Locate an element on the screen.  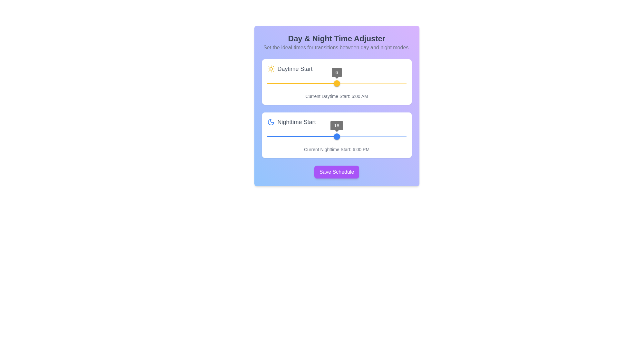
the daytime start is located at coordinates (267, 83).